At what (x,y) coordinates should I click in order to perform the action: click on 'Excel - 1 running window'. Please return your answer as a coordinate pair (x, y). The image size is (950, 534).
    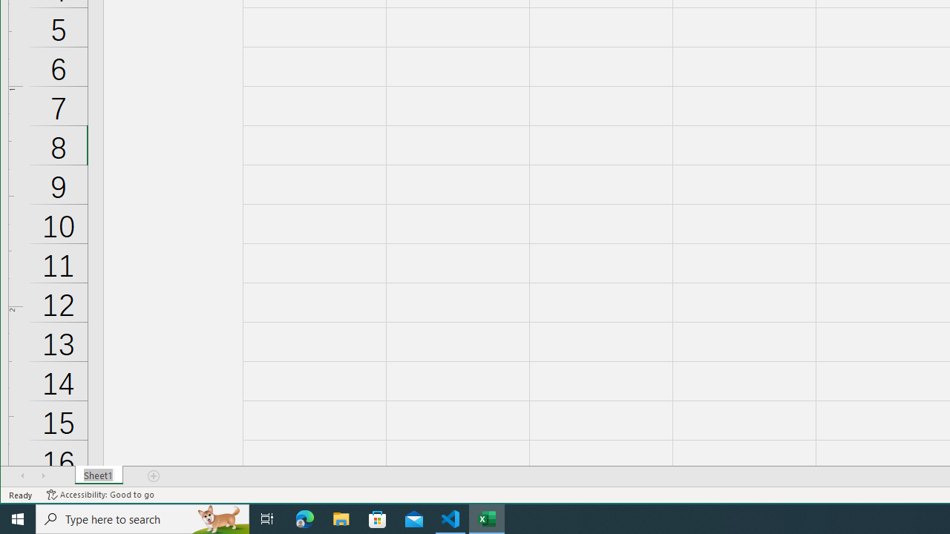
    Looking at the image, I should click on (487, 518).